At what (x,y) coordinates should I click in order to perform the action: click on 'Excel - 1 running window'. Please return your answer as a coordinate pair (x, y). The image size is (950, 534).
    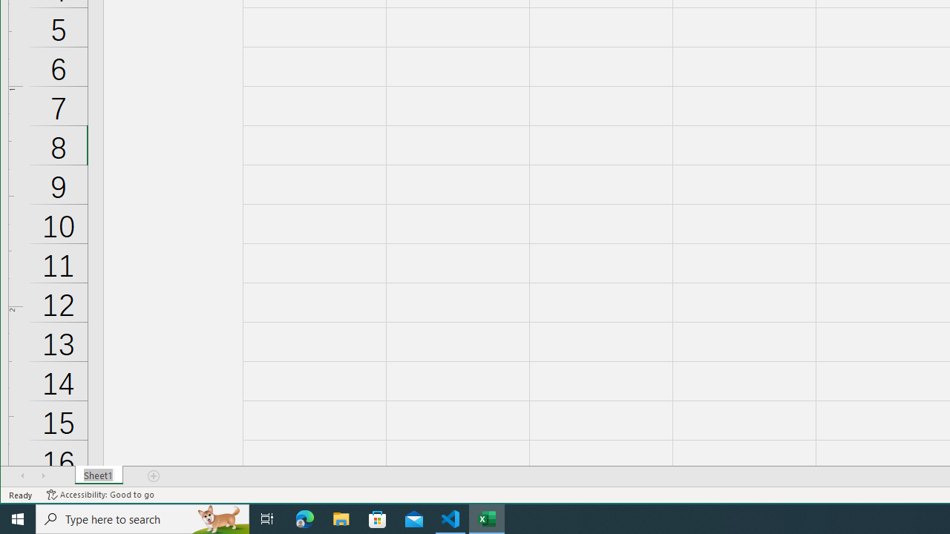
    Looking at the image, I should click on (487, 518).